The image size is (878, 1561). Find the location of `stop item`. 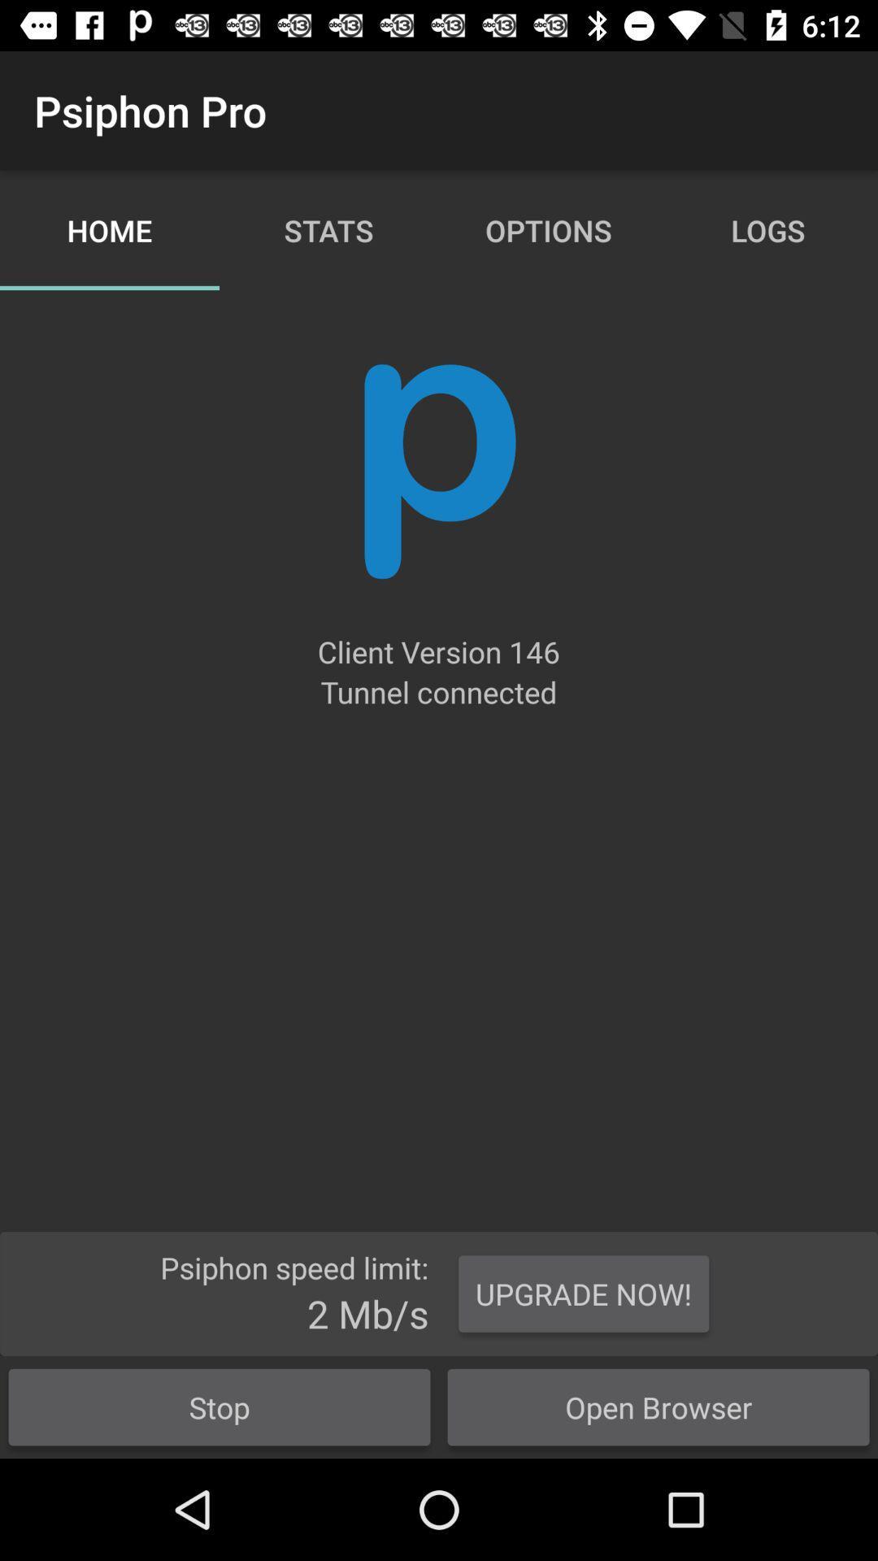

stop item is located at coordinates (219, 1407).